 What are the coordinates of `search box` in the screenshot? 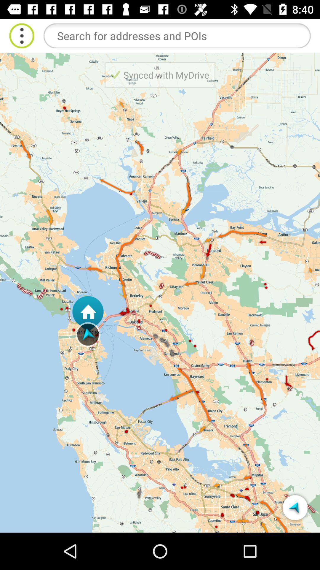 It's located at (177, 35).